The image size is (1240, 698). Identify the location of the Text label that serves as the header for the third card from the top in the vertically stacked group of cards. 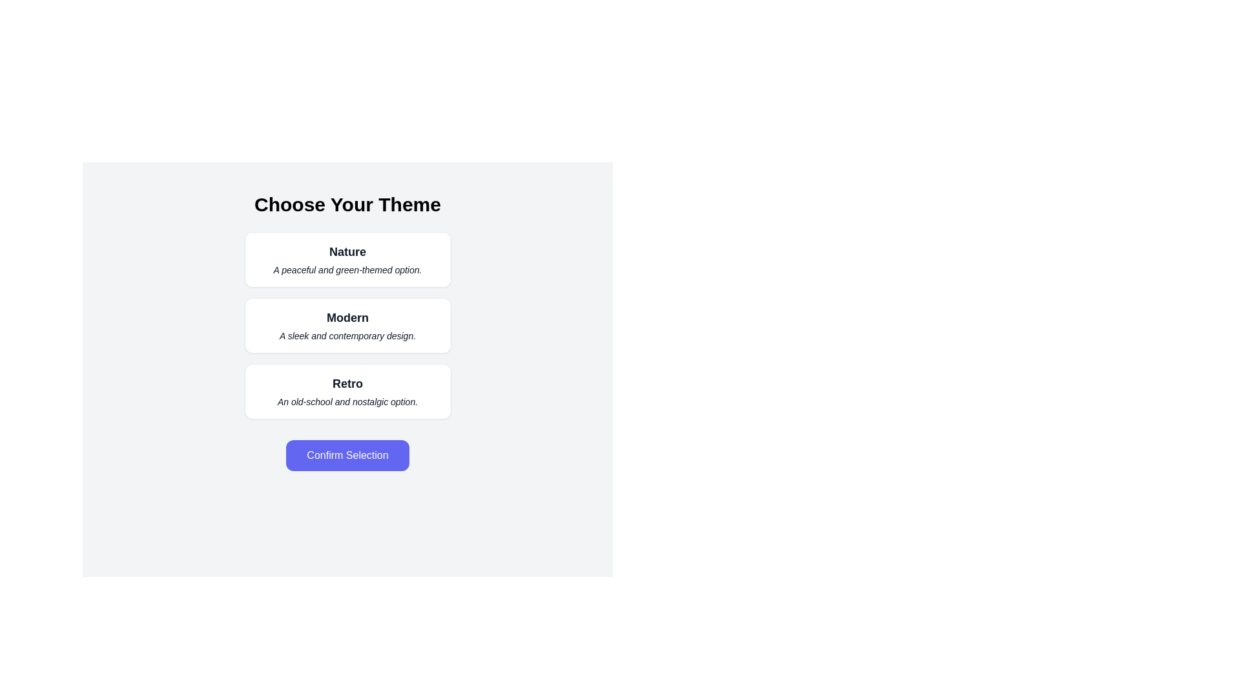
(347, 383).